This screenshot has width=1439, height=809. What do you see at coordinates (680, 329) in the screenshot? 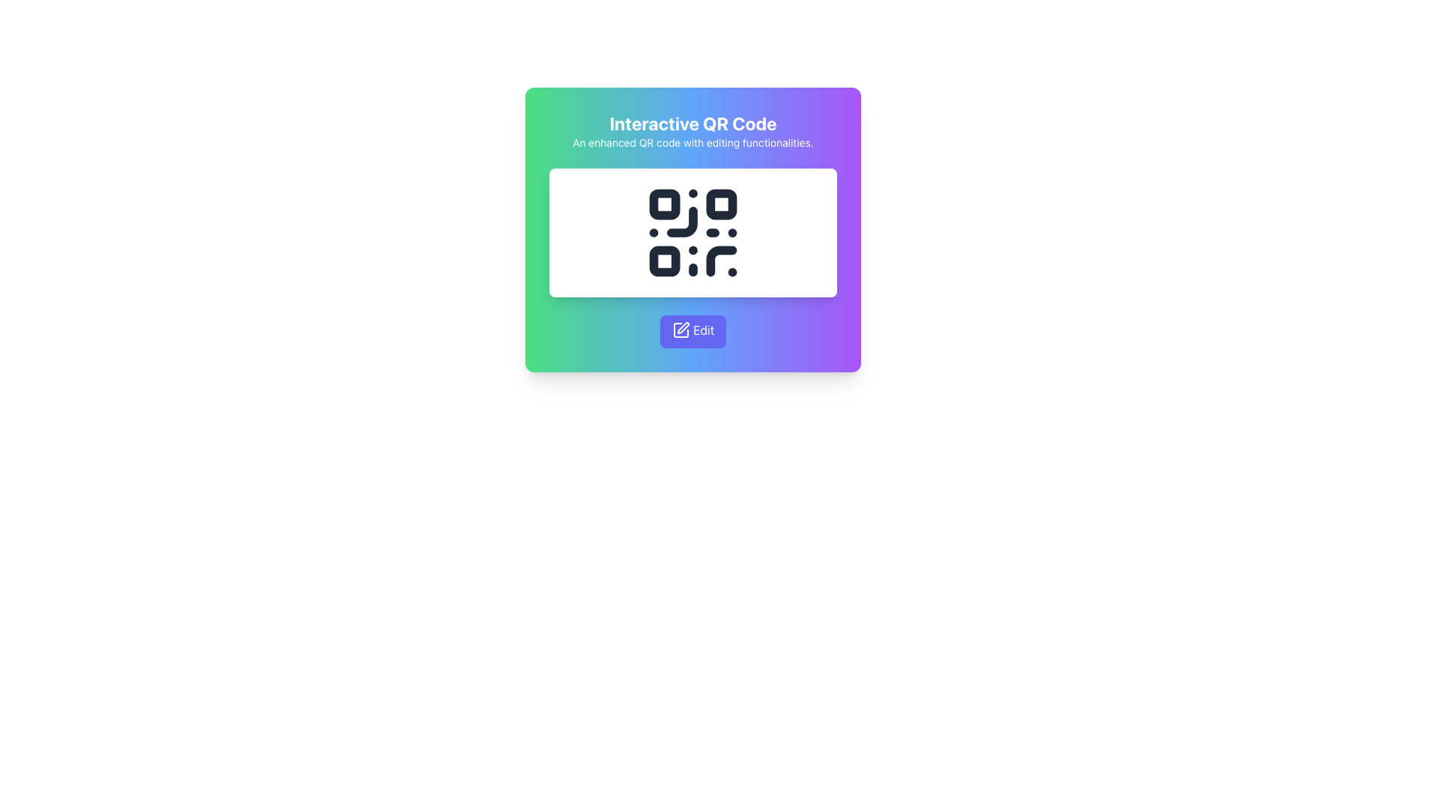
I see `the 'Edit' button, which is represented by an SVG icon, to trigger its functionality for editing the associated content` at bounding box center [680, 329].